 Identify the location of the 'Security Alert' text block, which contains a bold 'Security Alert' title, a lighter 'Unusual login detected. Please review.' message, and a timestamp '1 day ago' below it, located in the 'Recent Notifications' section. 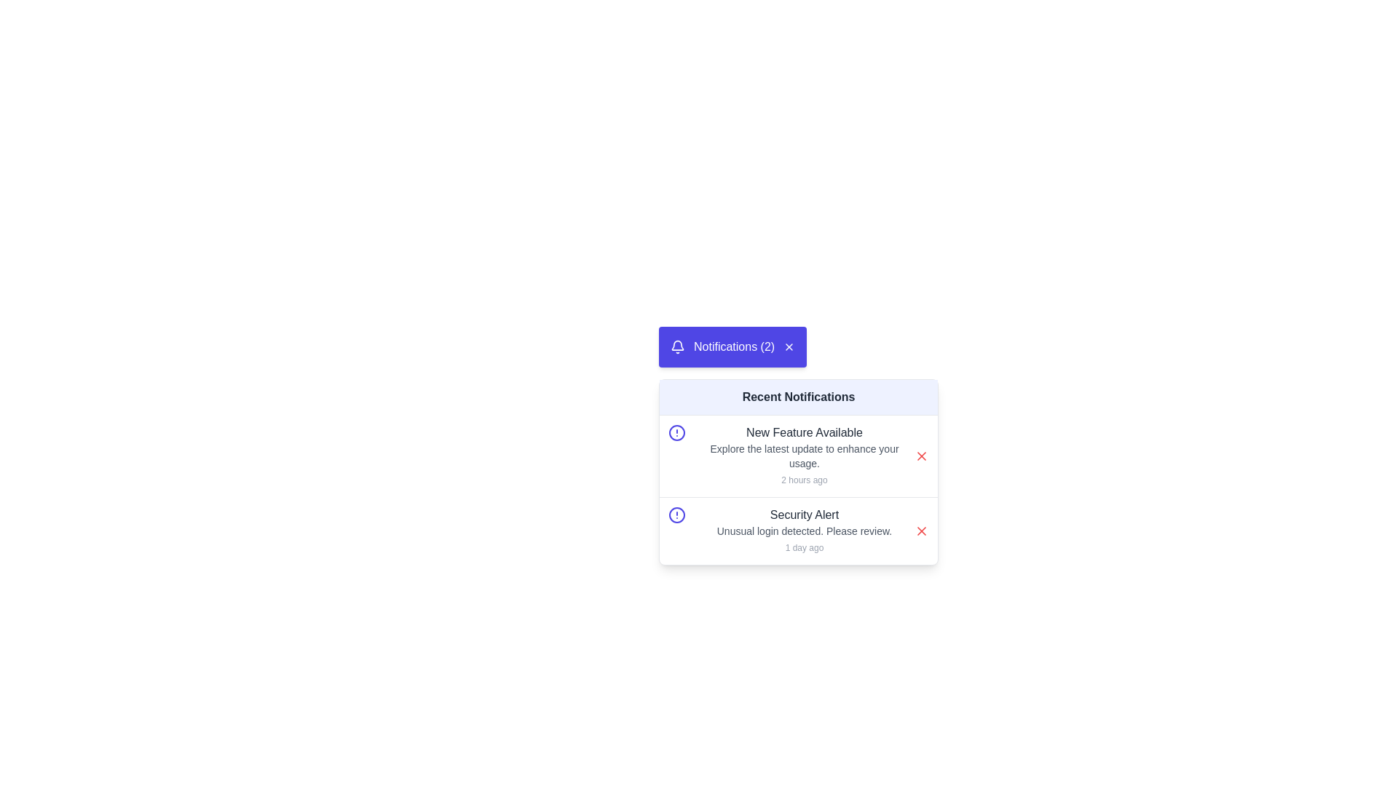
(803, 531).